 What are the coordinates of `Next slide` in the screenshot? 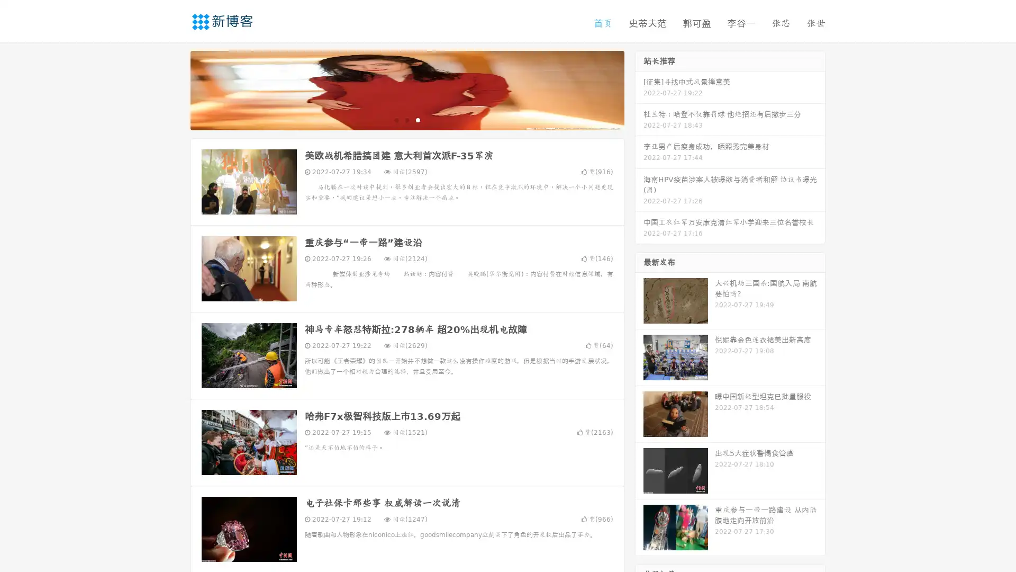 It's located at (639, 89).